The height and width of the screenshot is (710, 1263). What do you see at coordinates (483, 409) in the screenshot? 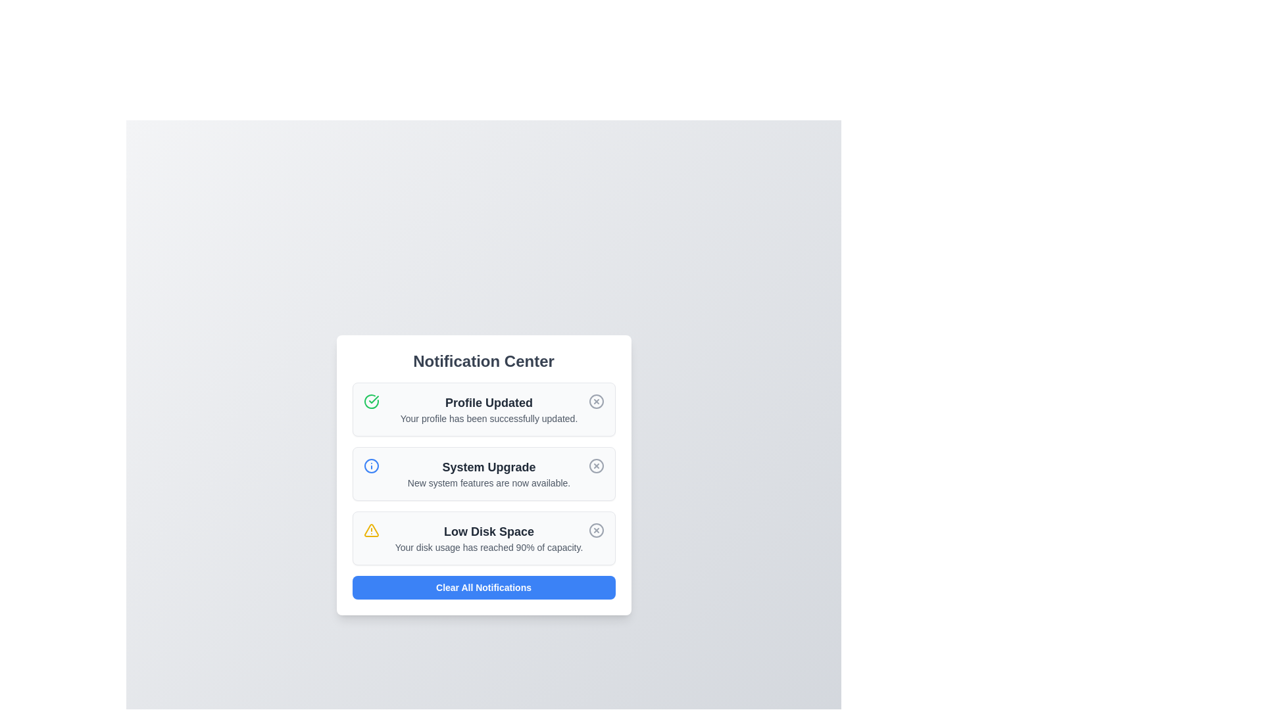
I see `the 'Profile Updated' notification card in the Notification Center` at bounding box center [483, 409].